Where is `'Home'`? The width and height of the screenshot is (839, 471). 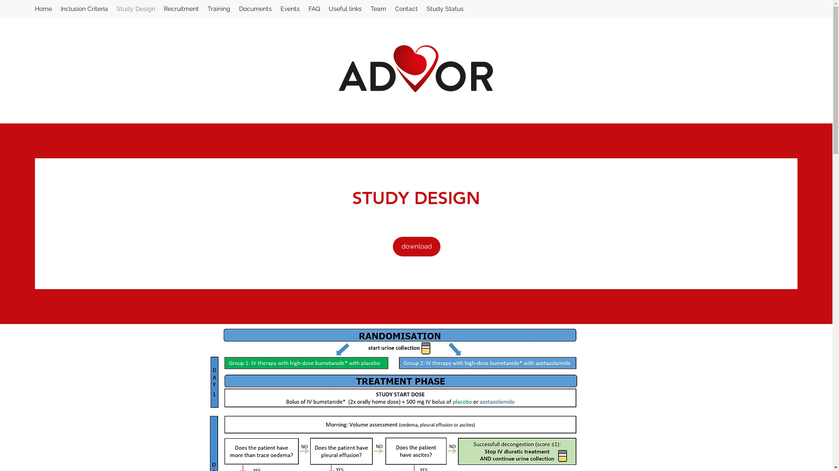 'Home' is located at coordinates (43, 8).